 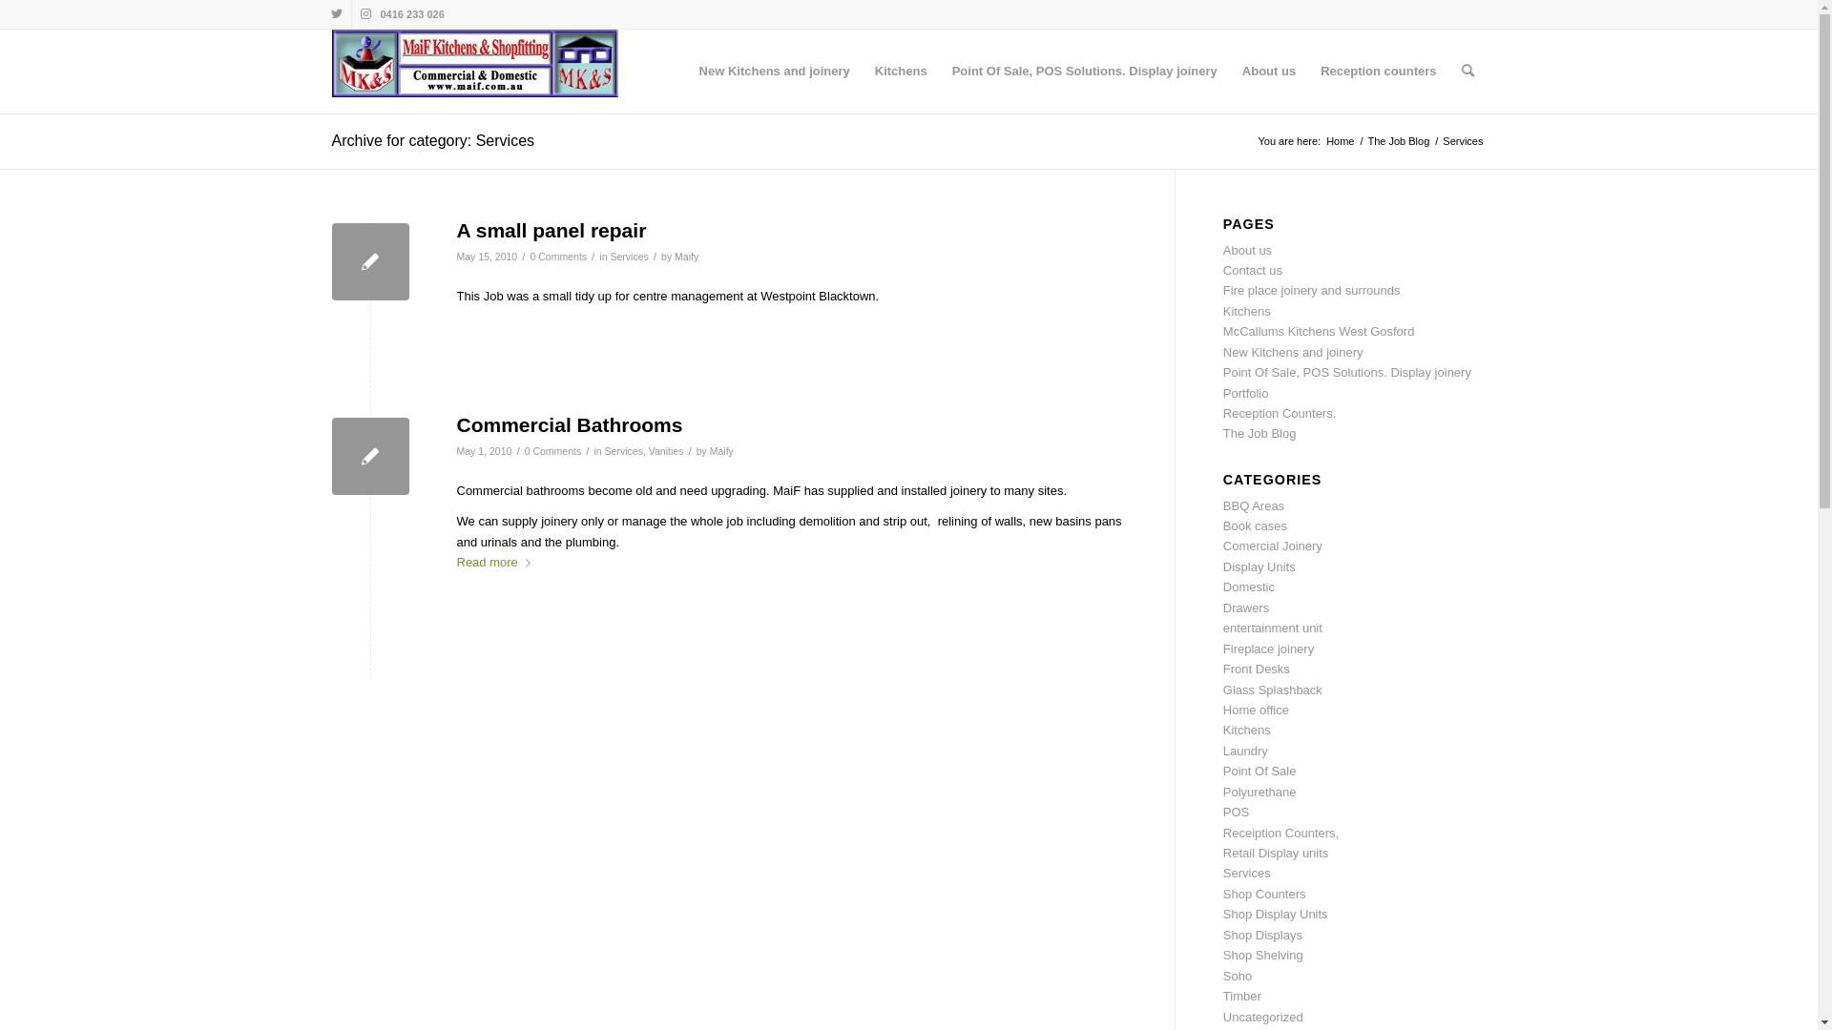 What do you see at coordinates (1222, 290) in the screenshot?
I see `'Fire place joinery and surrounds'` at bounding box center [1222, 290].